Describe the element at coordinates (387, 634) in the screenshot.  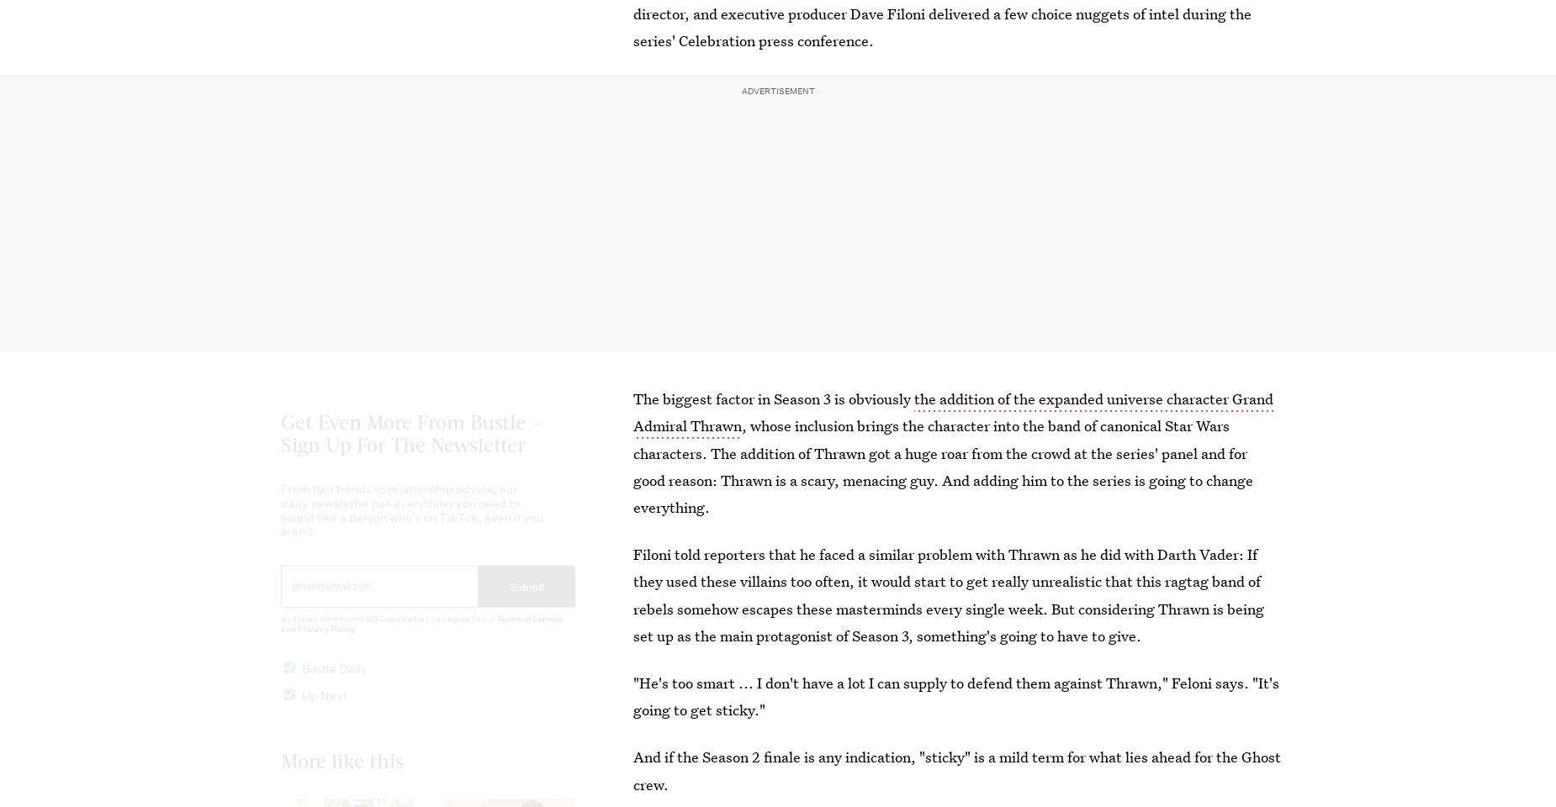
I see `'By subscribing to this BDG newsletter, you agree to our'` at that location.